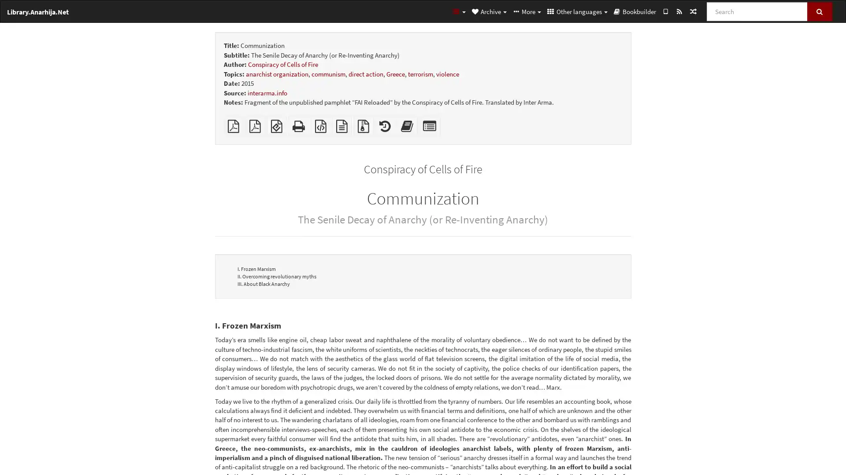 This screenshot has height=475, width=846. What do you see at coordinates (819, 11) in the screenshot?
I see `Search` at bounding box center [819, 11].